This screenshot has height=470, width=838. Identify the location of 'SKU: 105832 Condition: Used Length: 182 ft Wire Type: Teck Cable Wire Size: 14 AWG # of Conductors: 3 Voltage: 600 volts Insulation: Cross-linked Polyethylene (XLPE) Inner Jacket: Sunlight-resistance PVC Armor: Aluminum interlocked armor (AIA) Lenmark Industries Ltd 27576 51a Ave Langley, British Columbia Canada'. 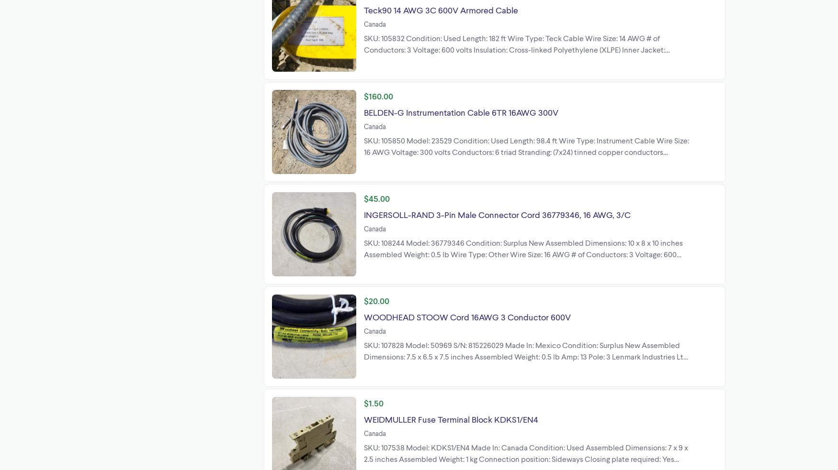
(522, 54).